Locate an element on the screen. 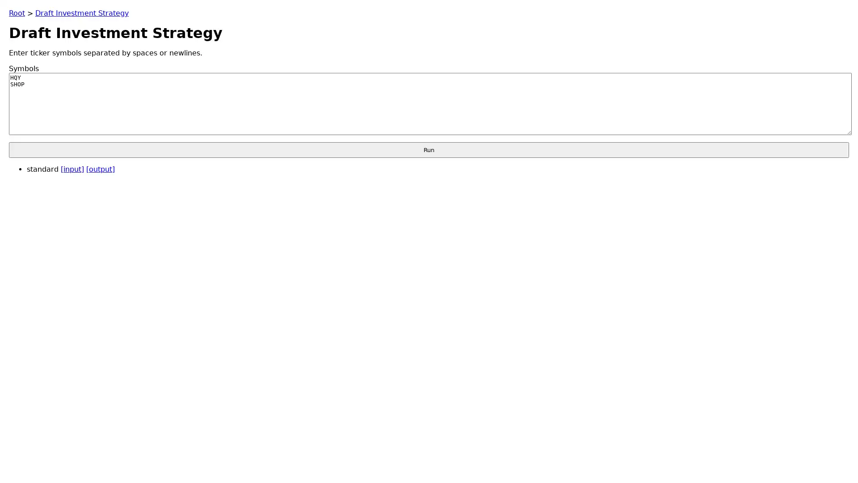 This screenshot has width=858, height=483. Run is located at coordinates (429, 149).